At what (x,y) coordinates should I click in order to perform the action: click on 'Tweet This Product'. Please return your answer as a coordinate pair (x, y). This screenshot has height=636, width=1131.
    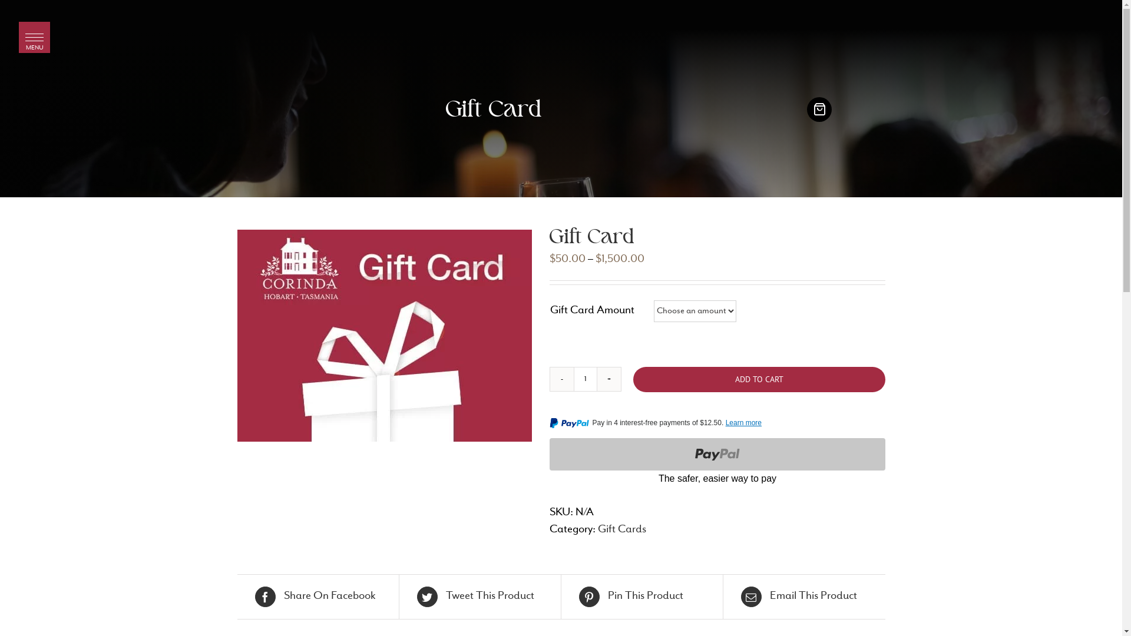
    Looking at the image, I should click on (480, 597).